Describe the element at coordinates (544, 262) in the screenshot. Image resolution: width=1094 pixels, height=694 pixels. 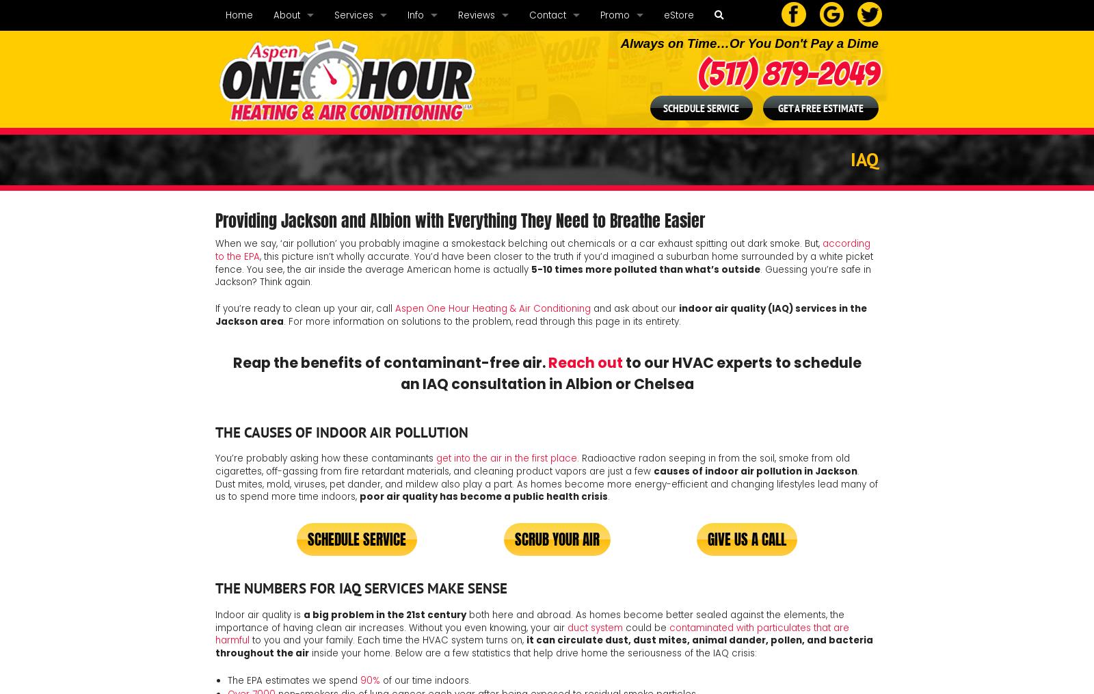
I see `', this picture isn’t wholly accurate. You’d have been closer to the truth if you’d imagined a suburban home surrounded by a white picket fence. You see, the air inside the average American home is actually'` at that location.